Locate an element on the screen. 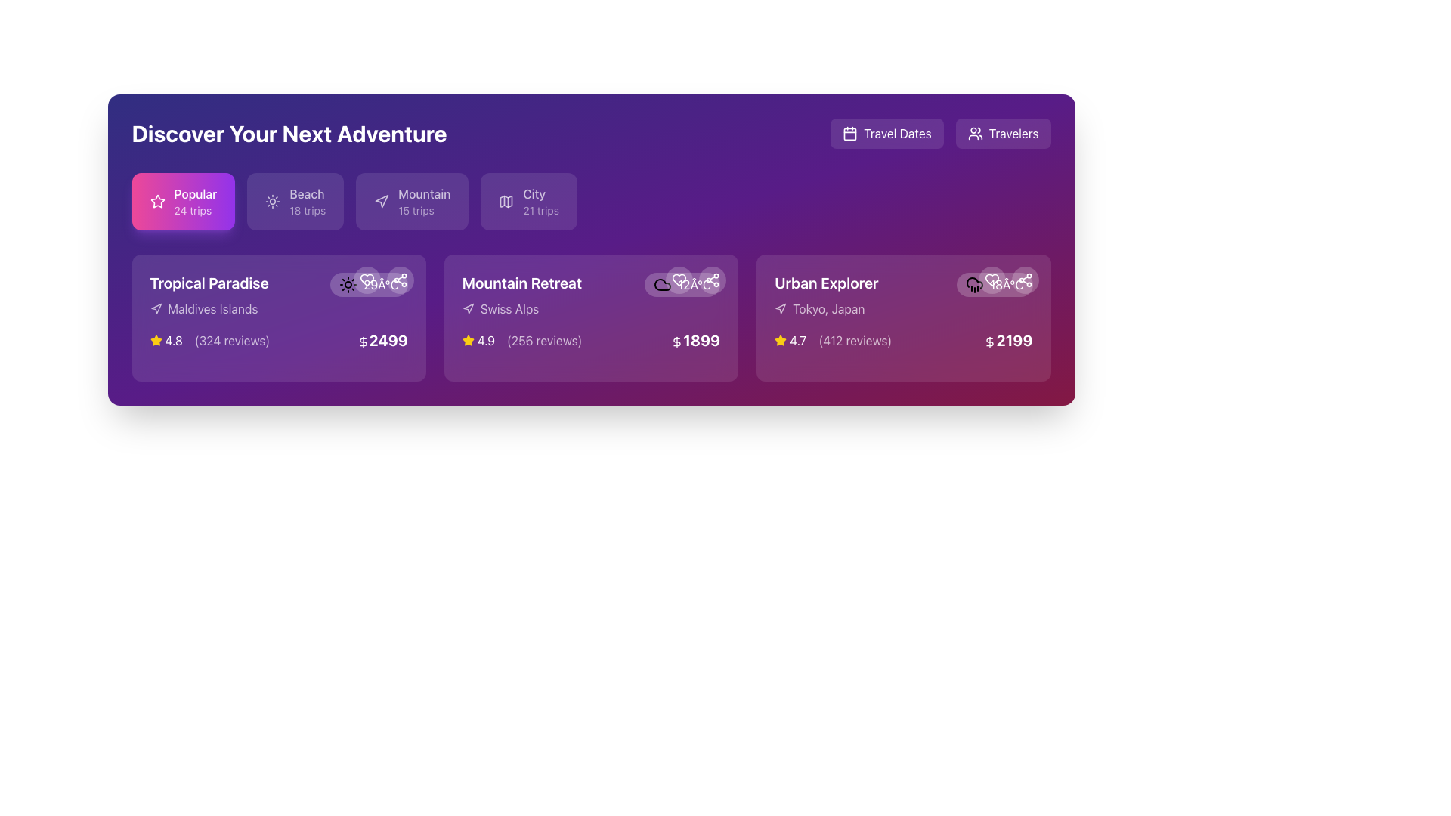  the 'City' category icon, which is the second icon within the 'City 21 trips' button, located to the left of the 'City' text in the fourth position of the category row at the top of the card is located at coordinates (506, 200).